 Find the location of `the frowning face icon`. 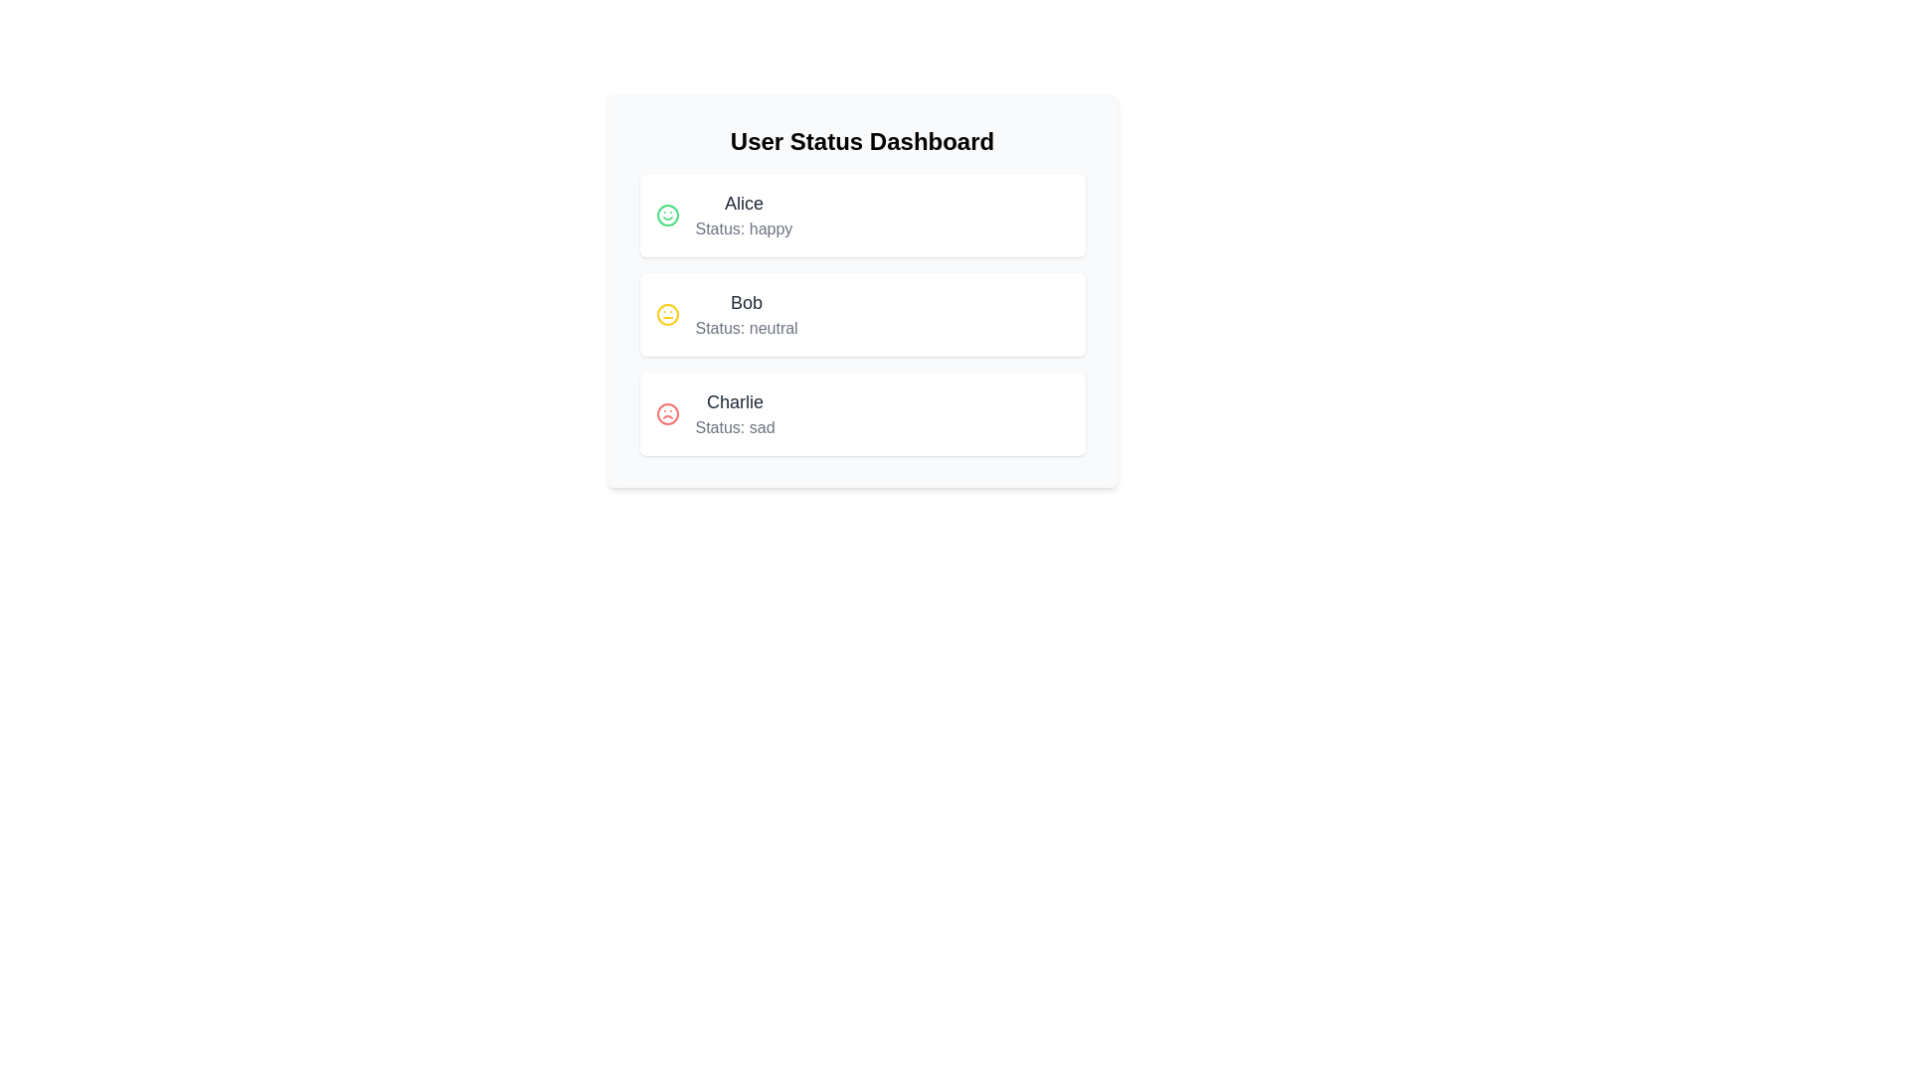

the frowning face icon is located at coordinates (667, 412).